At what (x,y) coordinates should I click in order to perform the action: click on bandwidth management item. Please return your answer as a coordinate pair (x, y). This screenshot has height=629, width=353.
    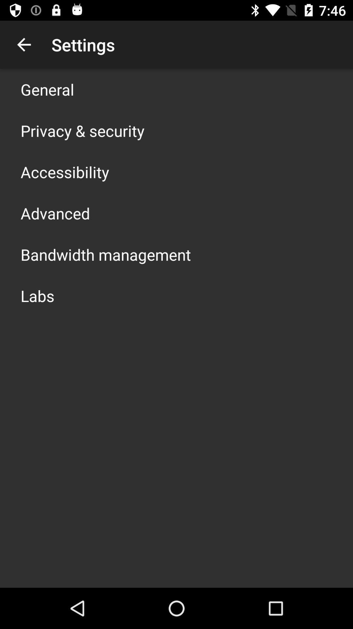
    Looking at the image, I should click on (105, 254).